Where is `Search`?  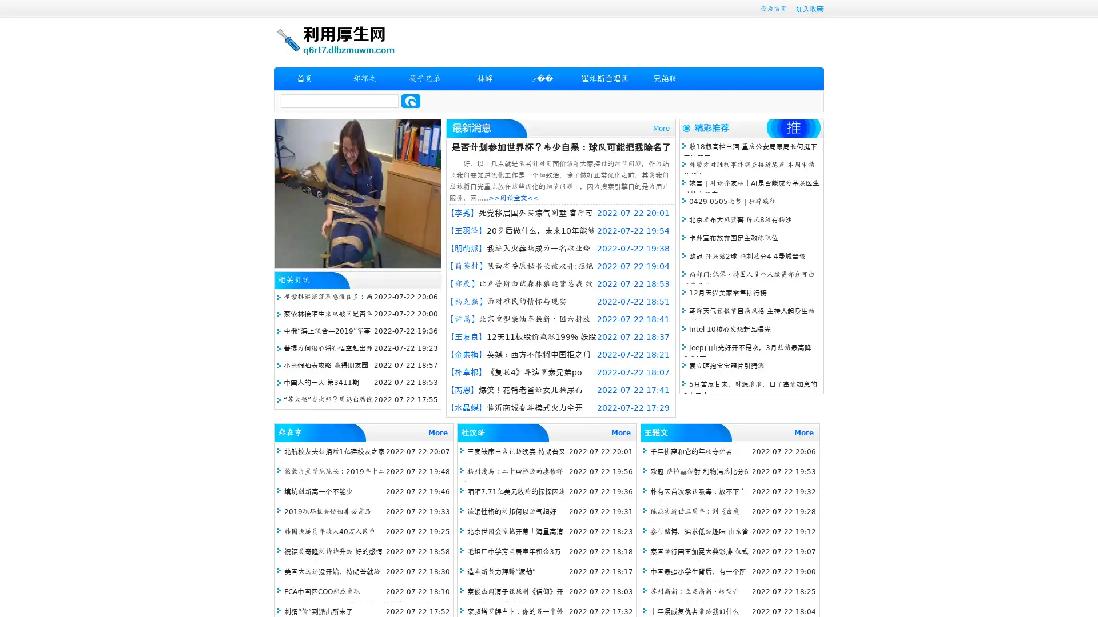 Search is located at coordinates (411, 101).